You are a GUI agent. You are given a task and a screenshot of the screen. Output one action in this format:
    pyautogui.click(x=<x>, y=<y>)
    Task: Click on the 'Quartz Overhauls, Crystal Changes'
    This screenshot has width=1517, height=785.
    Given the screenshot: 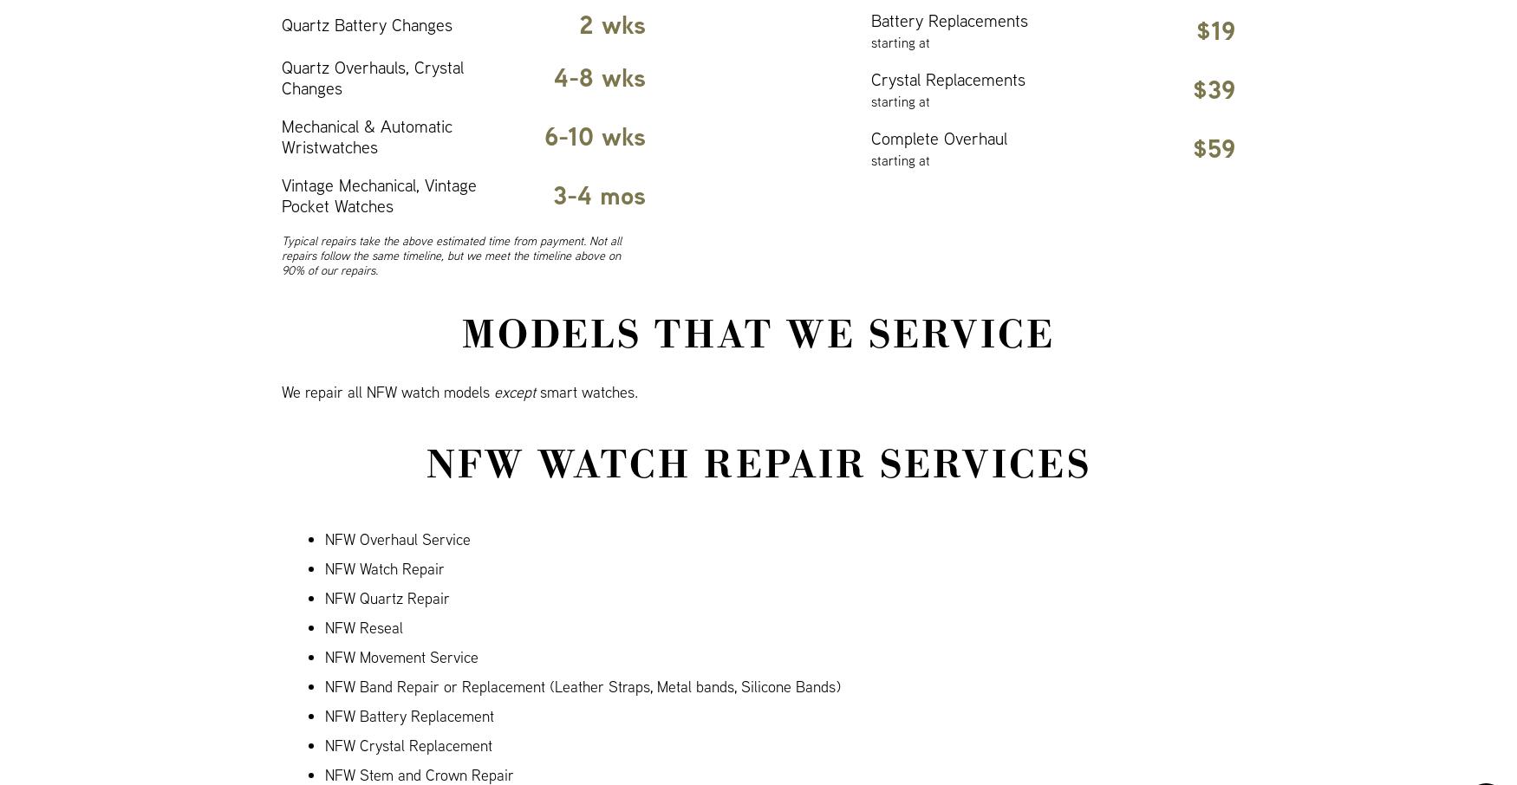 What is the action you would take?
    pyautogui.click(x=371, y=77)
    